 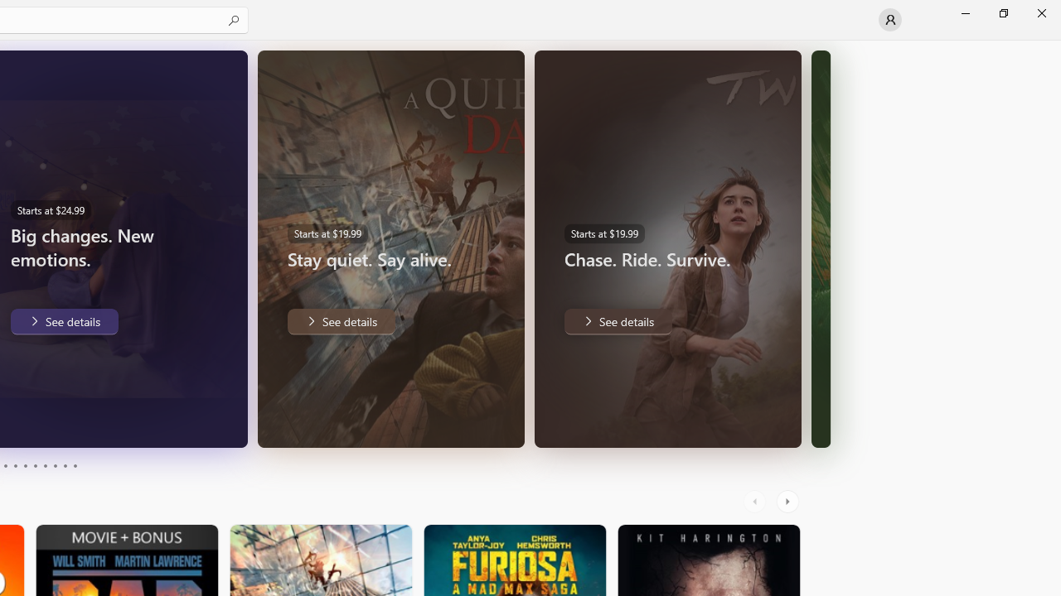 I want to click on 'Page 8', so click(x=54, y=466).